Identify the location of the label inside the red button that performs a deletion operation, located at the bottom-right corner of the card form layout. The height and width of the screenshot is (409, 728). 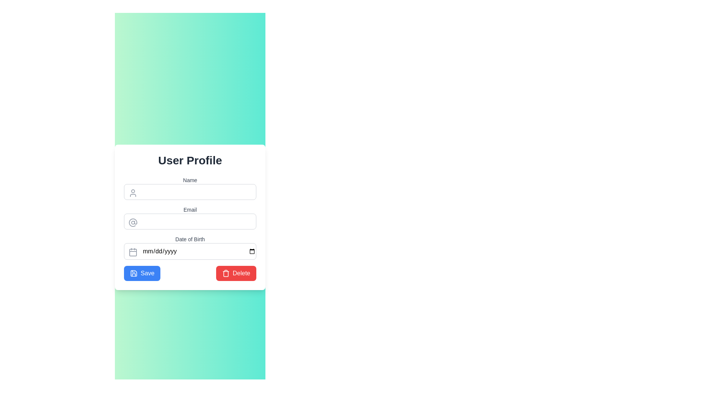
(241, 273).